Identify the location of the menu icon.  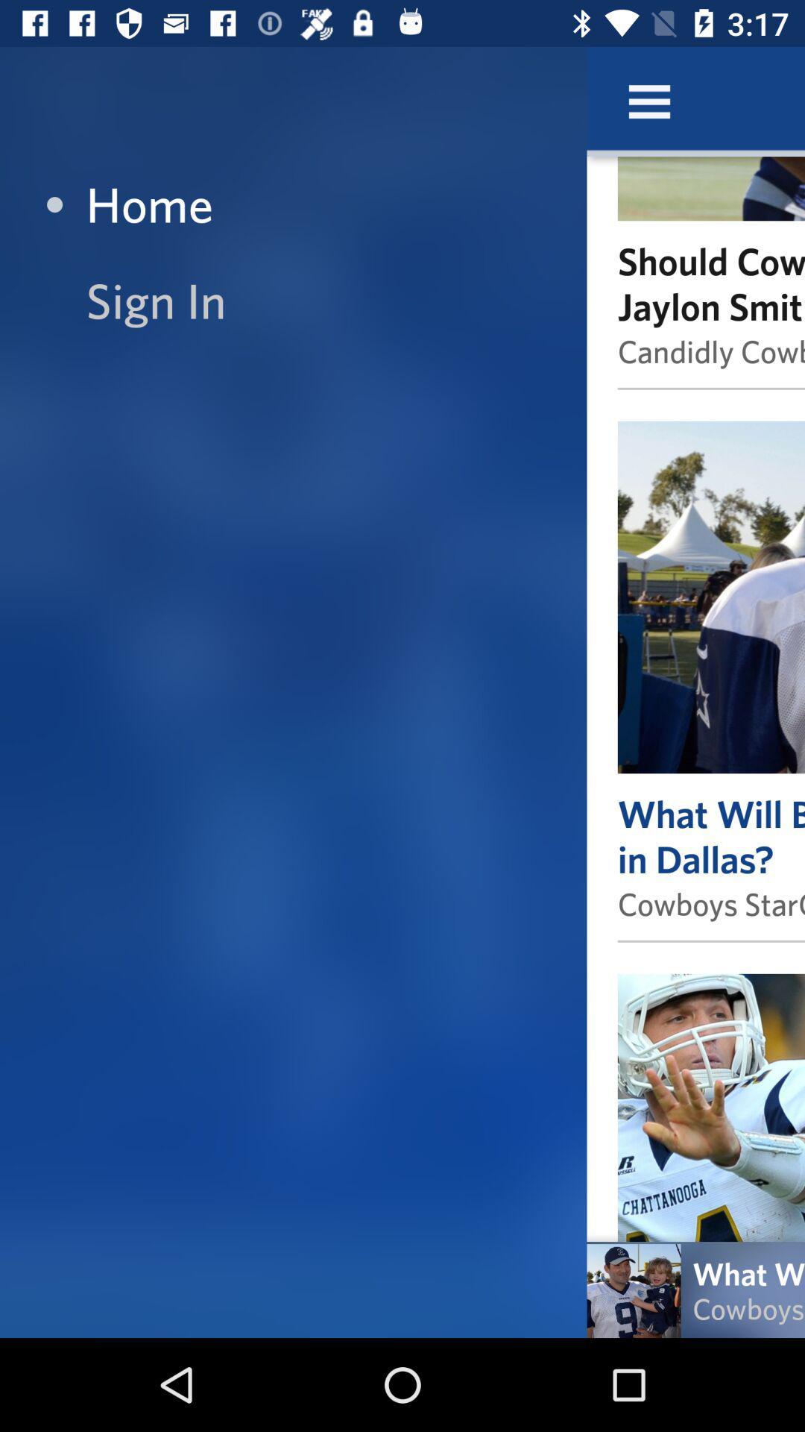
(648, 101).